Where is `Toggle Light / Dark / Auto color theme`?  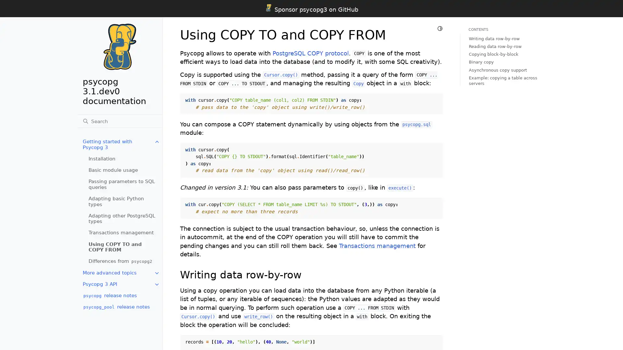
Toggle Light / Dark / Auto color theme is located at coordinates (440, 28).